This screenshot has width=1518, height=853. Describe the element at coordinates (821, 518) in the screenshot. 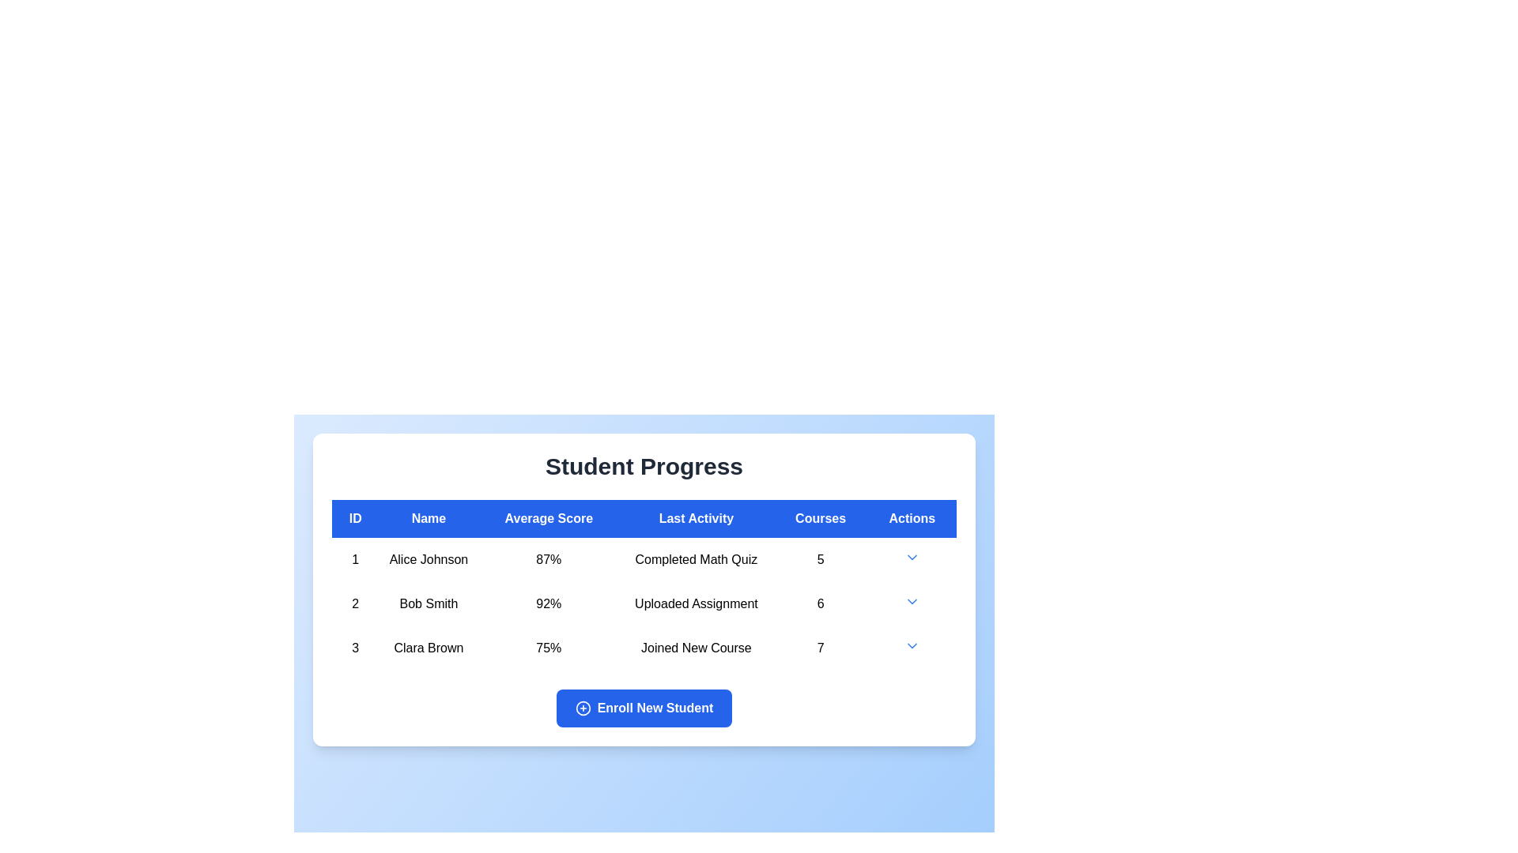

I see `the 'Courses' column header, which is the fifth header in a table row with a blue background and white bold text, positioned between 'Last Activity' and 'Actions' columns` at that location.